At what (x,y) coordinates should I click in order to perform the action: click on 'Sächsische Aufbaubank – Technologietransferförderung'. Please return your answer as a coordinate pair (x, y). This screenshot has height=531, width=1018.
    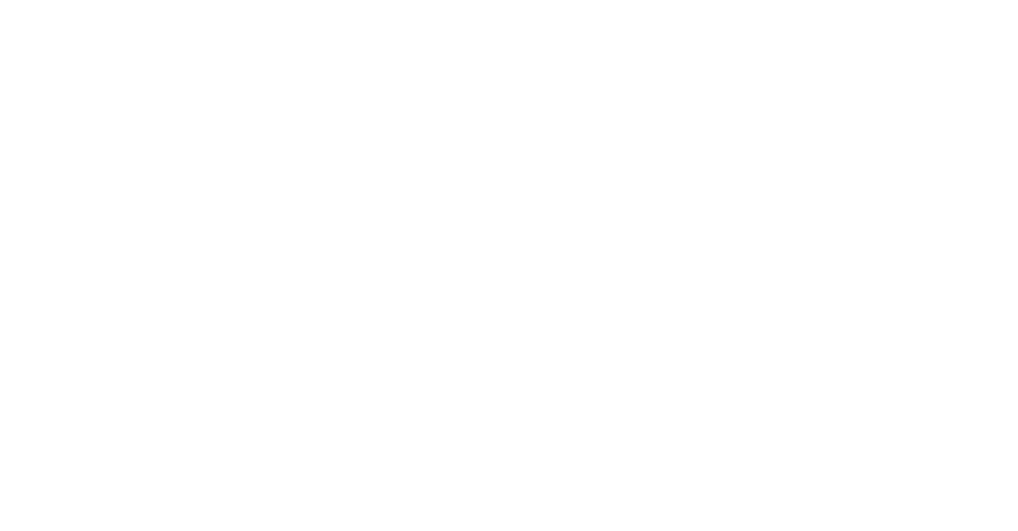
    Looking at the image, I should click on (856, 375).